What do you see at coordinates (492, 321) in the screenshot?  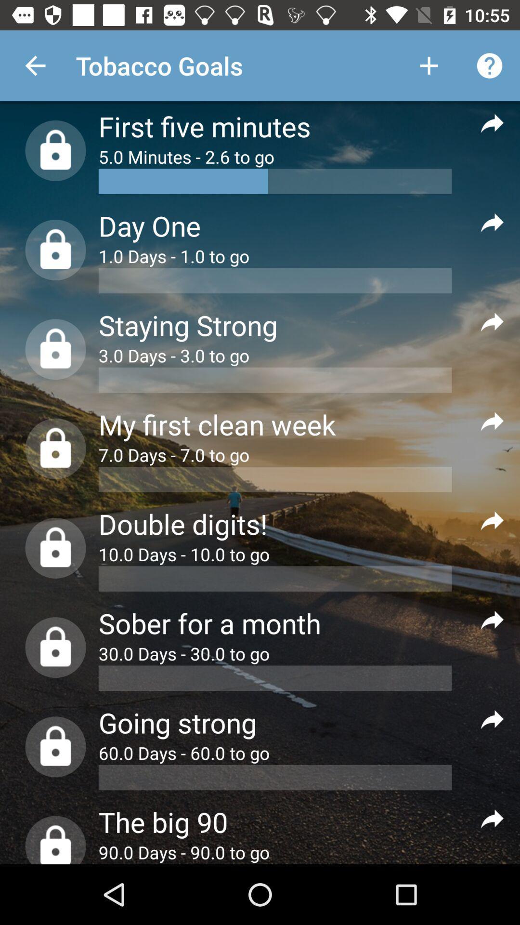 I see `open menu` at bounding box center [492, 321].